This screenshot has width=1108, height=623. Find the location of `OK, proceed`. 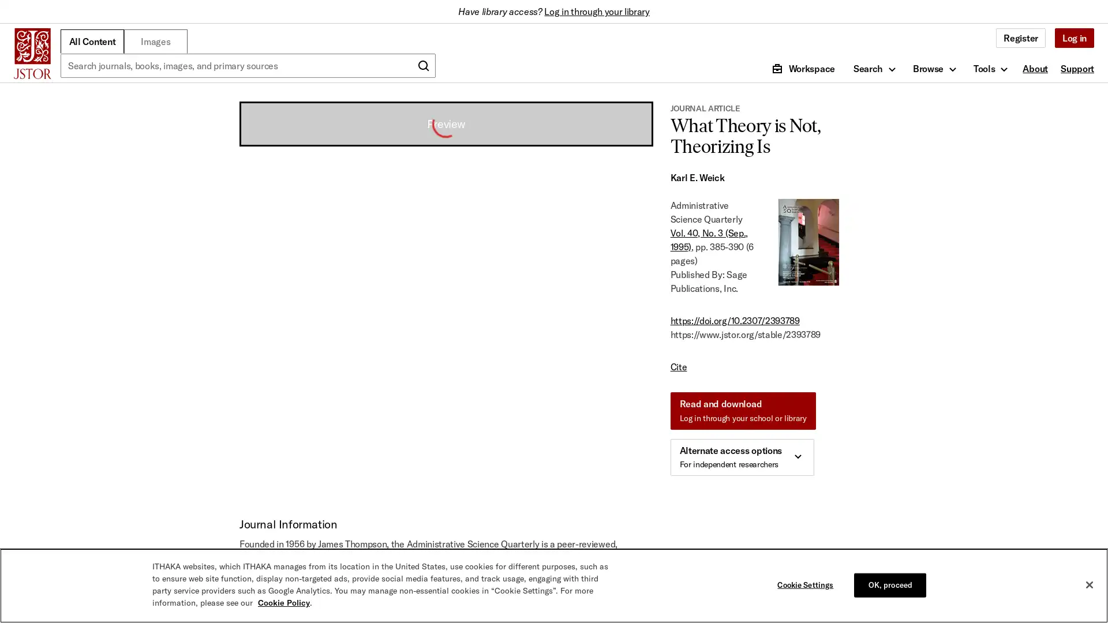

OK, proceed is located at coordinates (889, 585).